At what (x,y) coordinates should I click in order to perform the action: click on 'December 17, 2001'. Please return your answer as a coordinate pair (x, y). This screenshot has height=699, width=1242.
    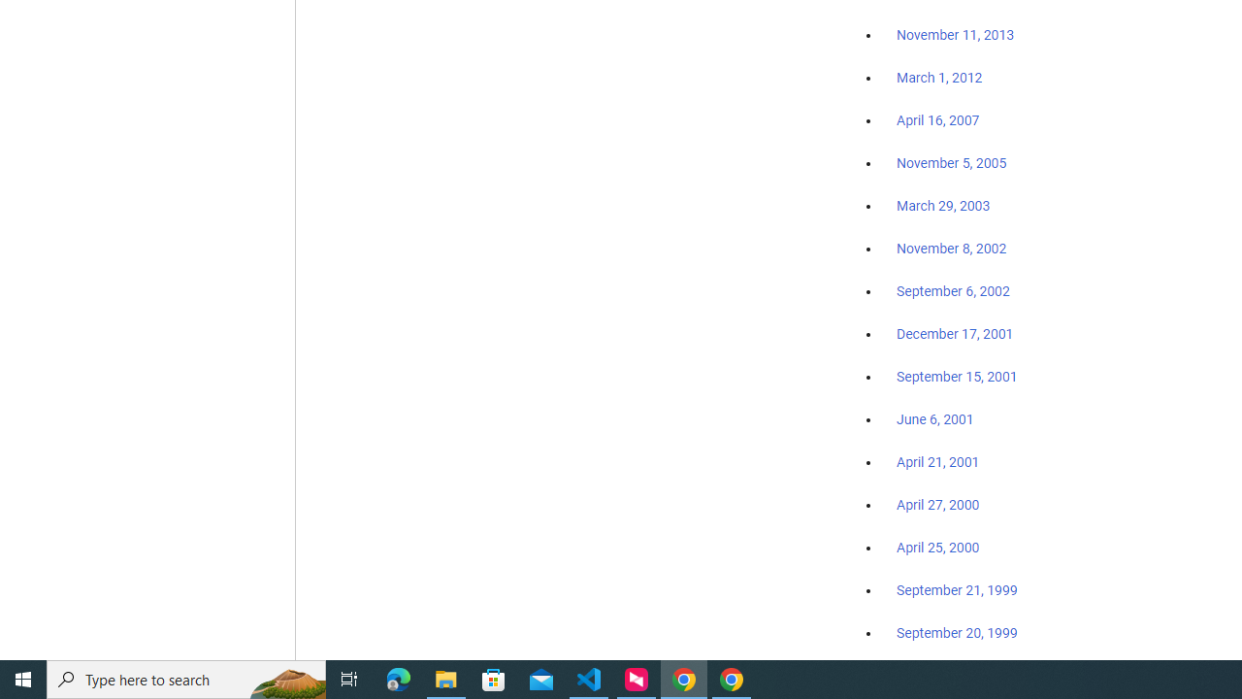
    Looking at the image, I should click on (955, 332).